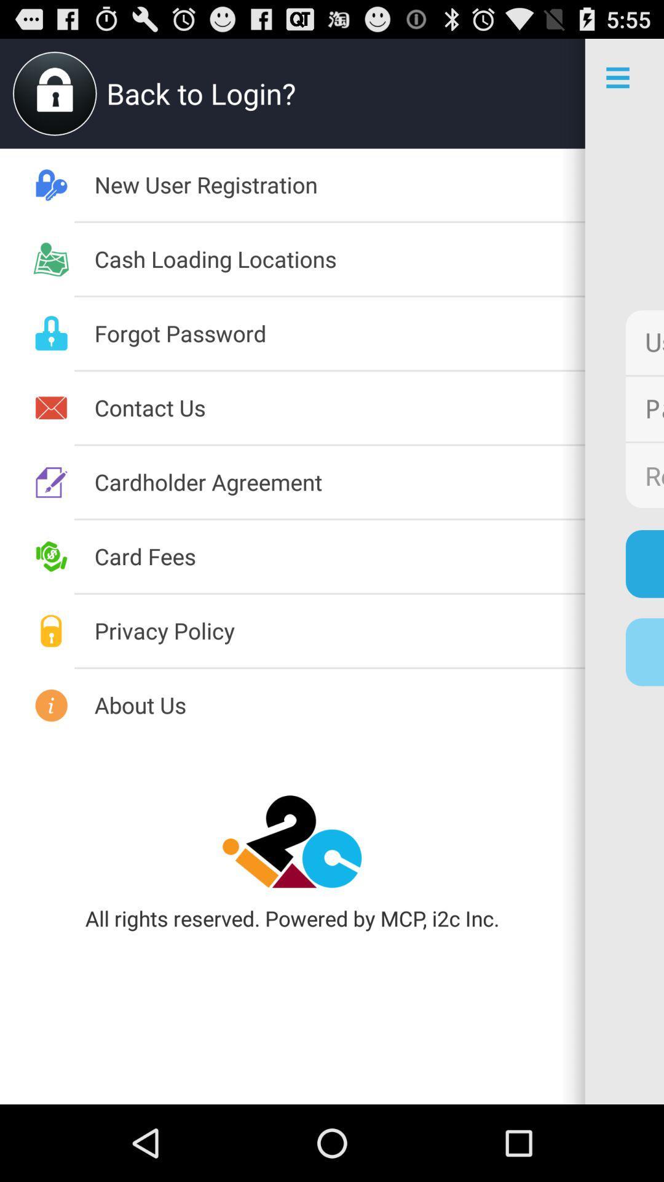  Describe the element at coordinates (339, 258) in the screenshot. I see `the cash loading locations` at that location.